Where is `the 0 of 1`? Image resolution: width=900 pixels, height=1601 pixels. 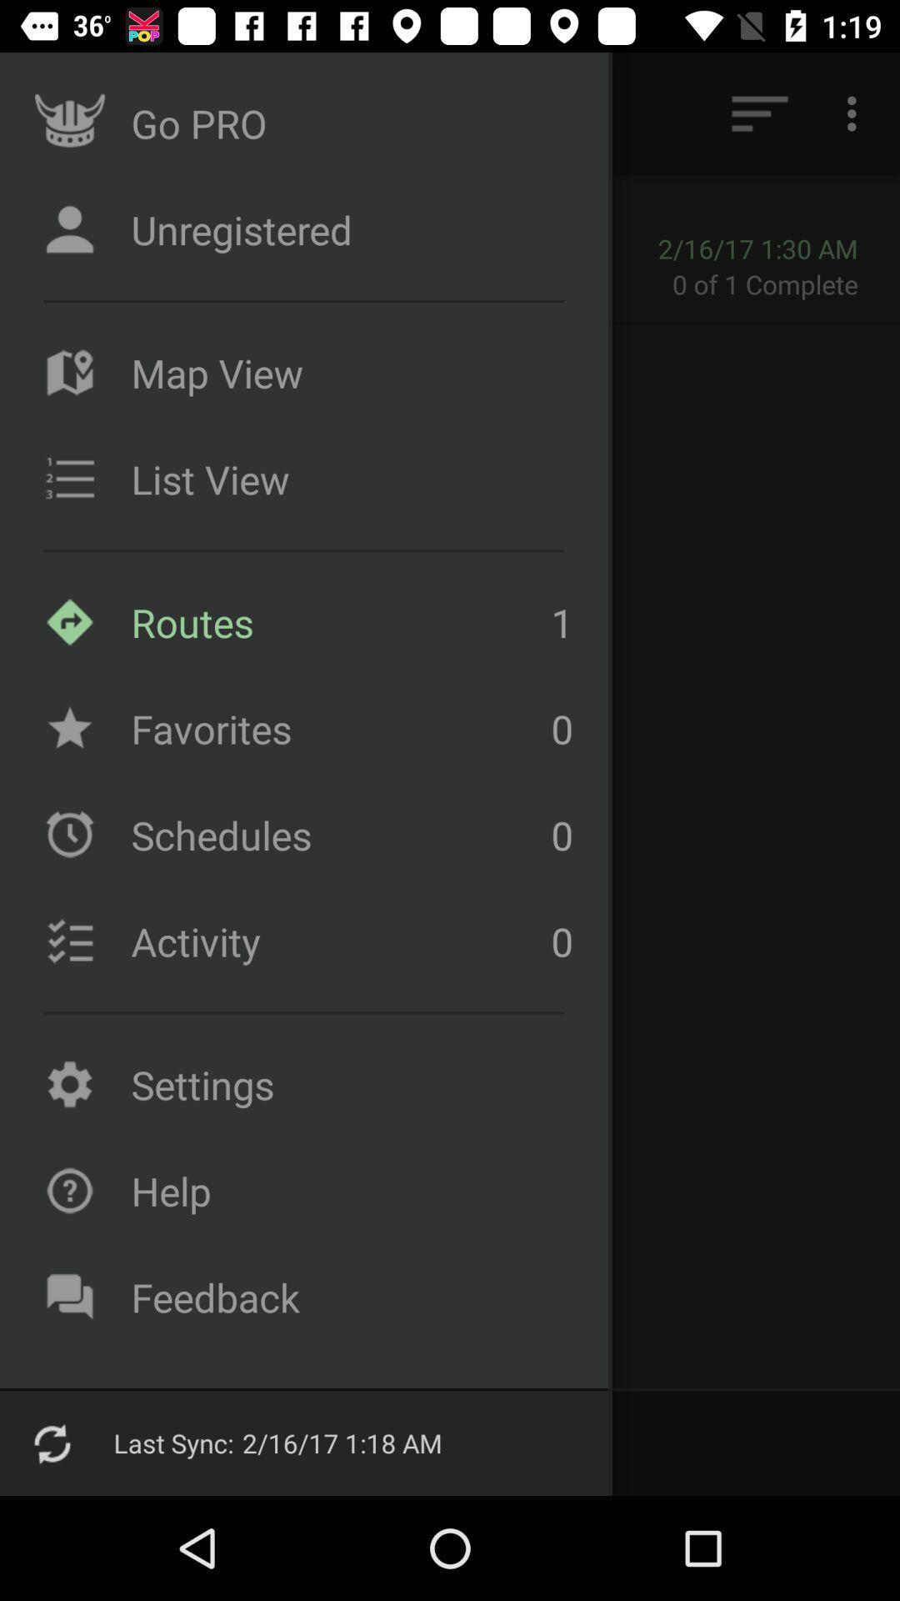 the 0 of 1 is located at coordinates (776, 284).